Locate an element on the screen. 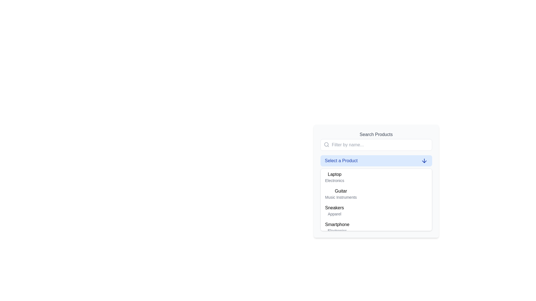 The height and width of the screenshot is (301, 536). supplementary text label located in the dropdown menu under 'Select a Product,' positioned as the second item in the list beneath 'Guitar.' is located at coordinates (341, 197).